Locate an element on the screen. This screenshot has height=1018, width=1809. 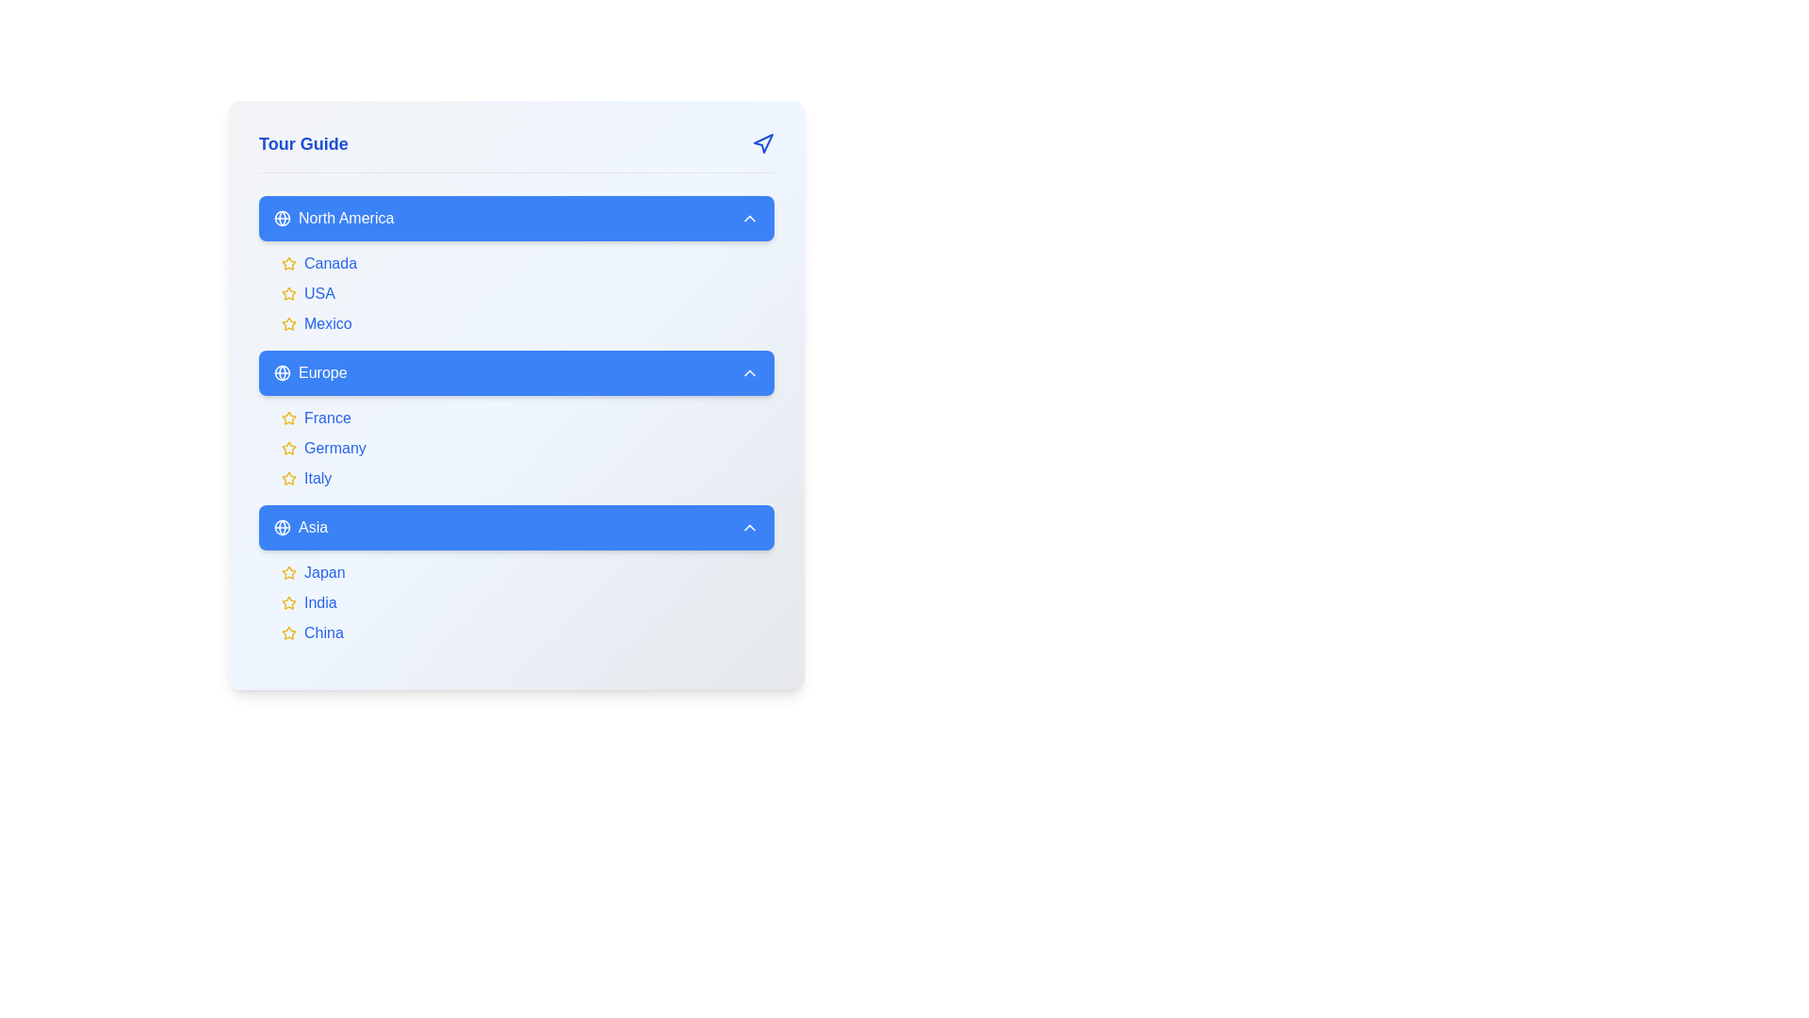
globe icon located to the left of the text 'North America', which is circular with a blue tint and a world map design, positioned in the first section of a vertical list is located at coordinates (281, 217).